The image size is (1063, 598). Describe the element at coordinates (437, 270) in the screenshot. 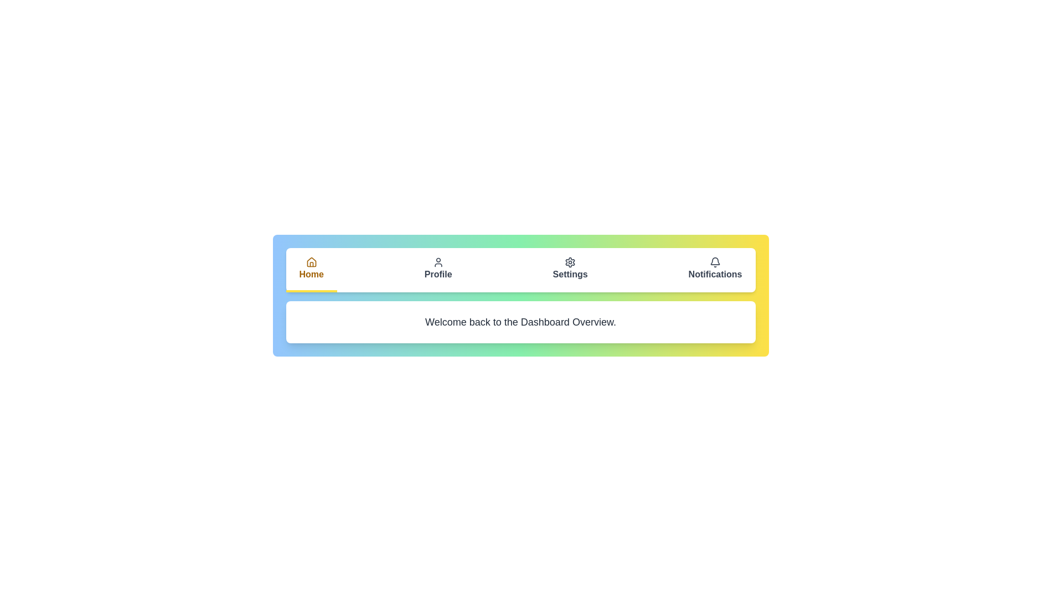

I see `the 'Profile' button located in the horizontal navigation bar at the top center of the interface` at that location.